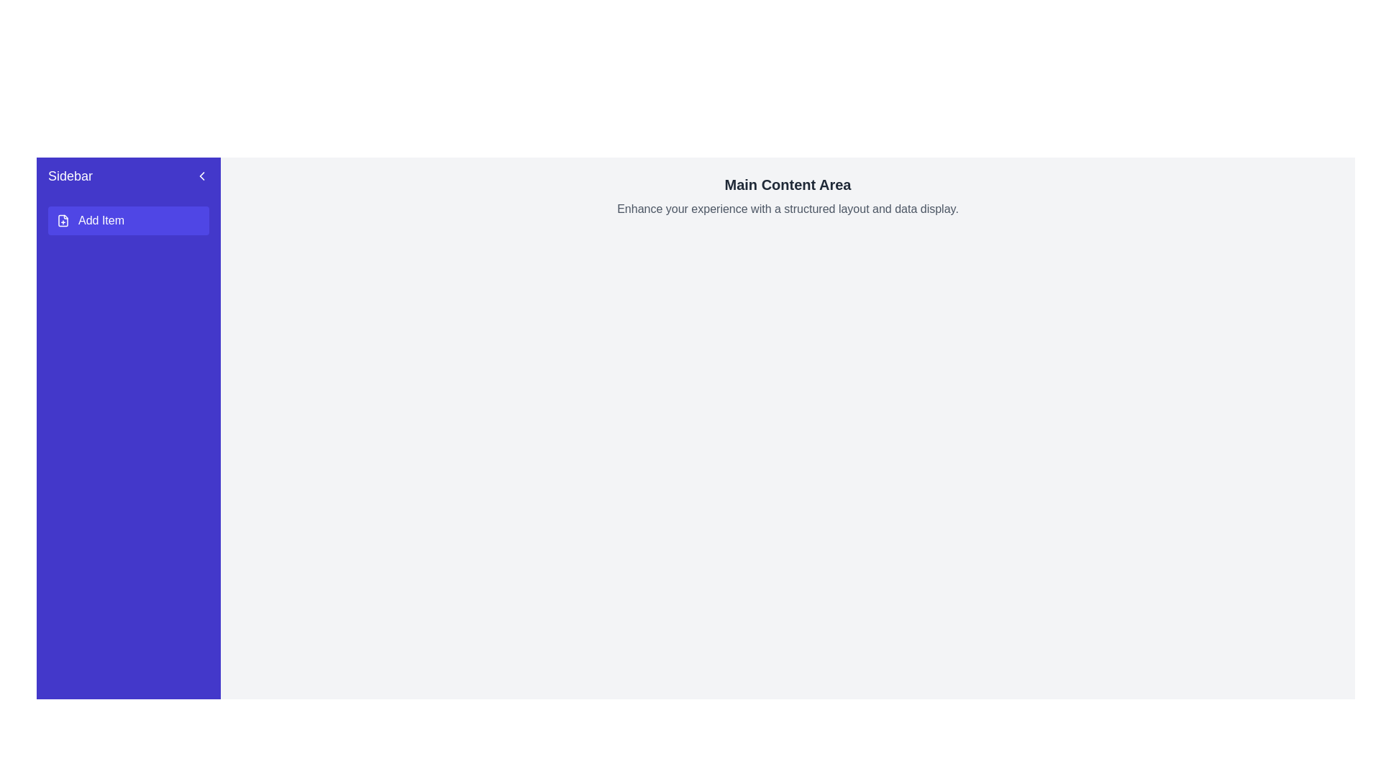 The height and width of the screenshot is (777, 1381). What do you see at coordinates (201, 176) in the screenshot?
I see `the navigation control icon` at bounding box center [201, 176].